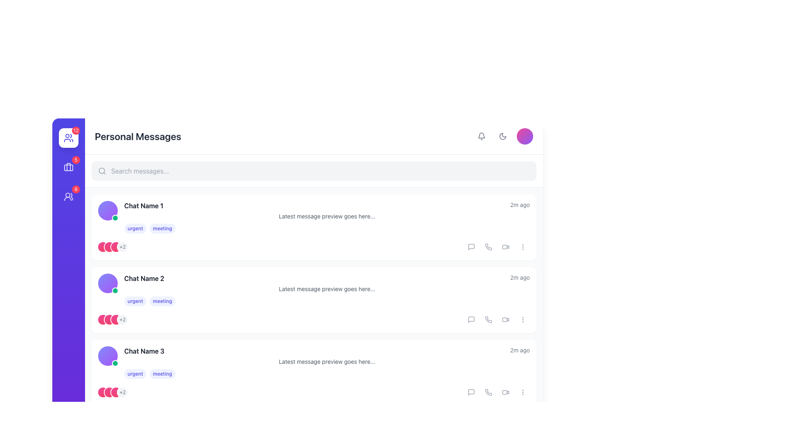  I want to click on message preview text 'Latest message preview goes here...' located in the second chat item from the top in the chat interface, so click(327, 289).